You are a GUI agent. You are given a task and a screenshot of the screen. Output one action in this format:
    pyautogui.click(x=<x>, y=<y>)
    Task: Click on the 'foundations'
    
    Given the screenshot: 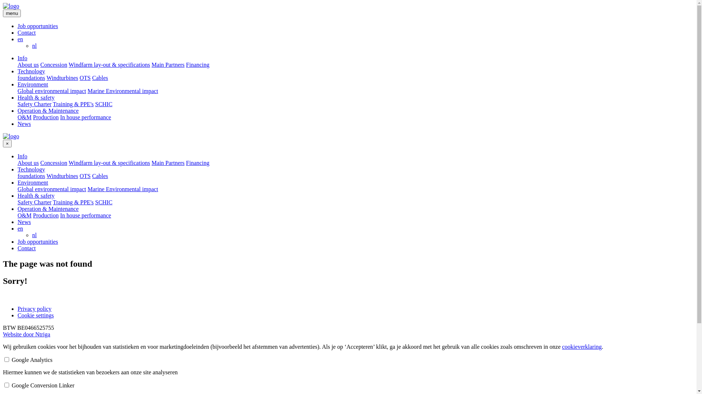 What is the action you would take?
    pyautogui.click(x=31, y=176)
    